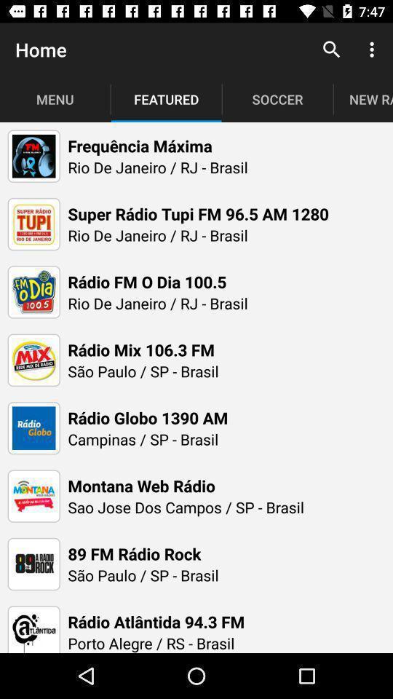 The height and width of the screenshot is (699, 393). Describe the element at coordinates (331, 50) in the screenshot. I see `icon to the right of soccer` at that location.